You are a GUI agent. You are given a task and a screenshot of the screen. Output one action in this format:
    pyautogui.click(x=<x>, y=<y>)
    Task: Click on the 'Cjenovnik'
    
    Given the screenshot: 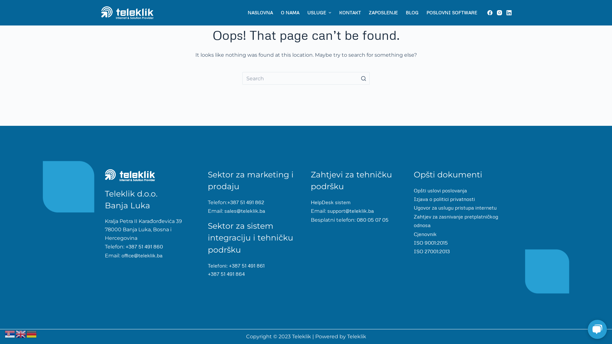 What is the action you would take?
    pyautogui.click(x=425, y=233)
    